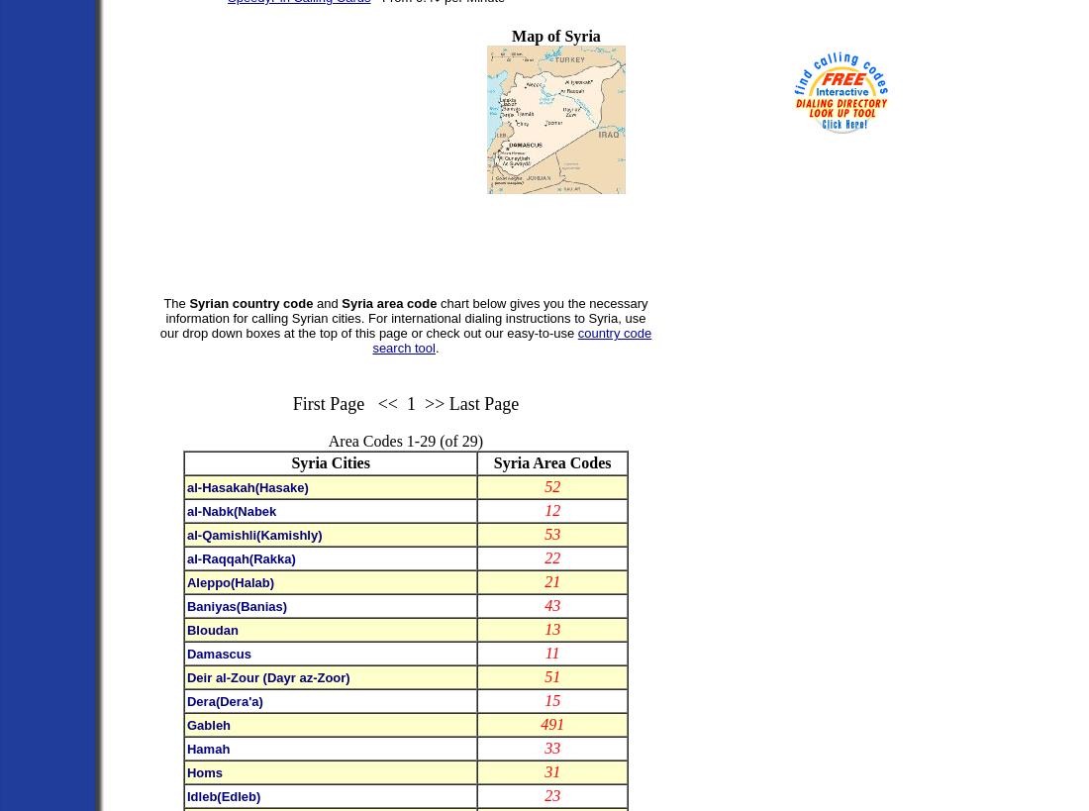 This screenshot has width=1089, height=811. What do you see at coordinates (224, 699) in the screenshot?
I see `'Dera(Dera'a)'` at bounding box center [224, 699].